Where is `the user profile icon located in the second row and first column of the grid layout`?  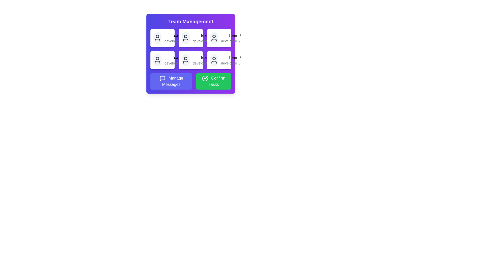 the user profile icon located in the second row and first column of the grid layout is located at coordinates (157, 60).